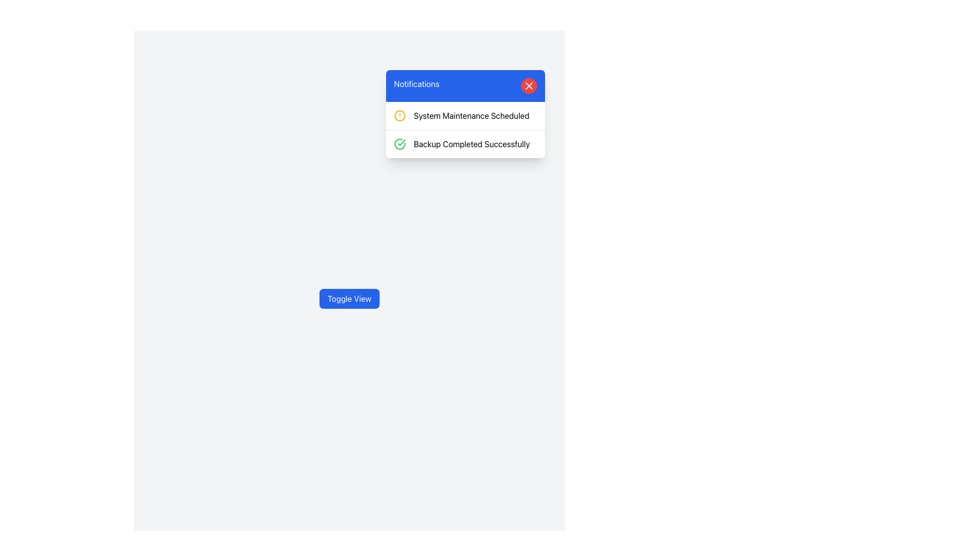 This screenshot has height=537, width=954. I want to click on the checkmark graphic in the SVG icon indicating 'Backup Completed Successfully', located in the lower region of the notification, so click(401, 142).